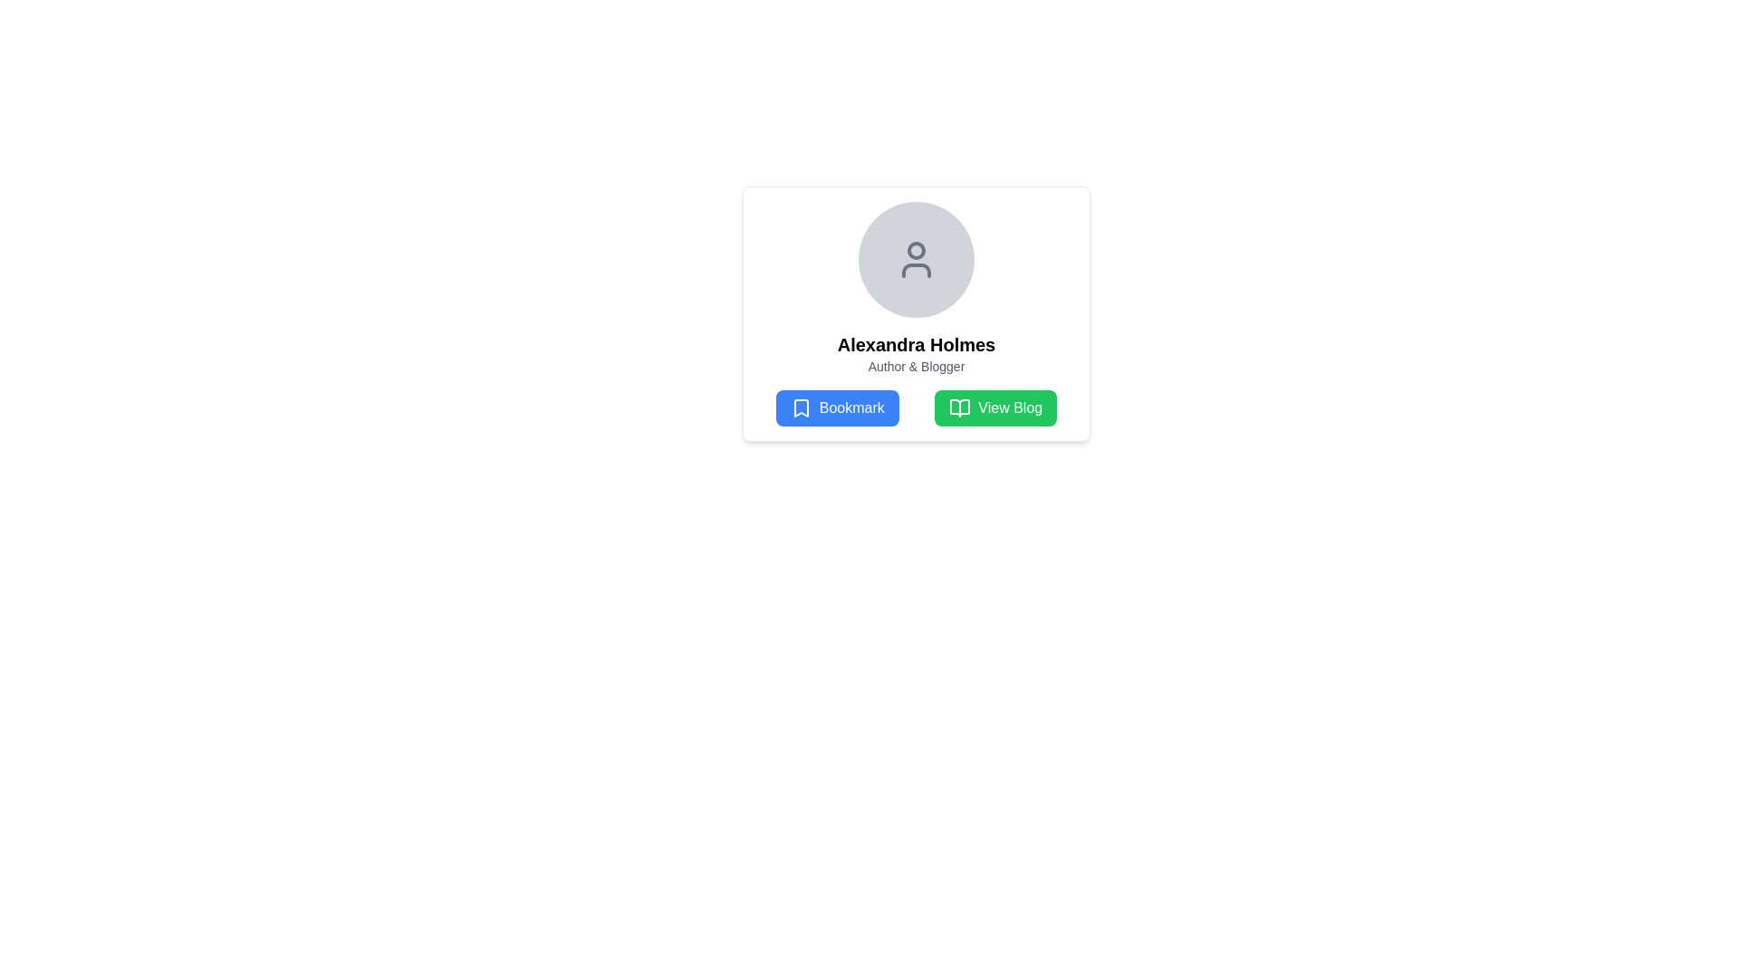 This screenshot has height=978, width=1739. Describe the element at coordinates (917, 345) in the screenshot. I see `the text display element that shows the name 'Alexandra Holmes', which is bold and large, located below the user avatar and above the smaller text 'Author & Blogger'` at that location.